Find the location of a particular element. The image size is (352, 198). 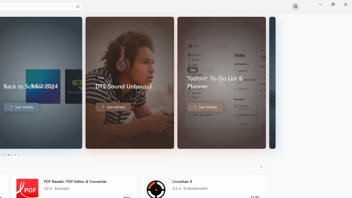

'AutomationID: LeftScrollButton' is located at coordinates (251, 166).